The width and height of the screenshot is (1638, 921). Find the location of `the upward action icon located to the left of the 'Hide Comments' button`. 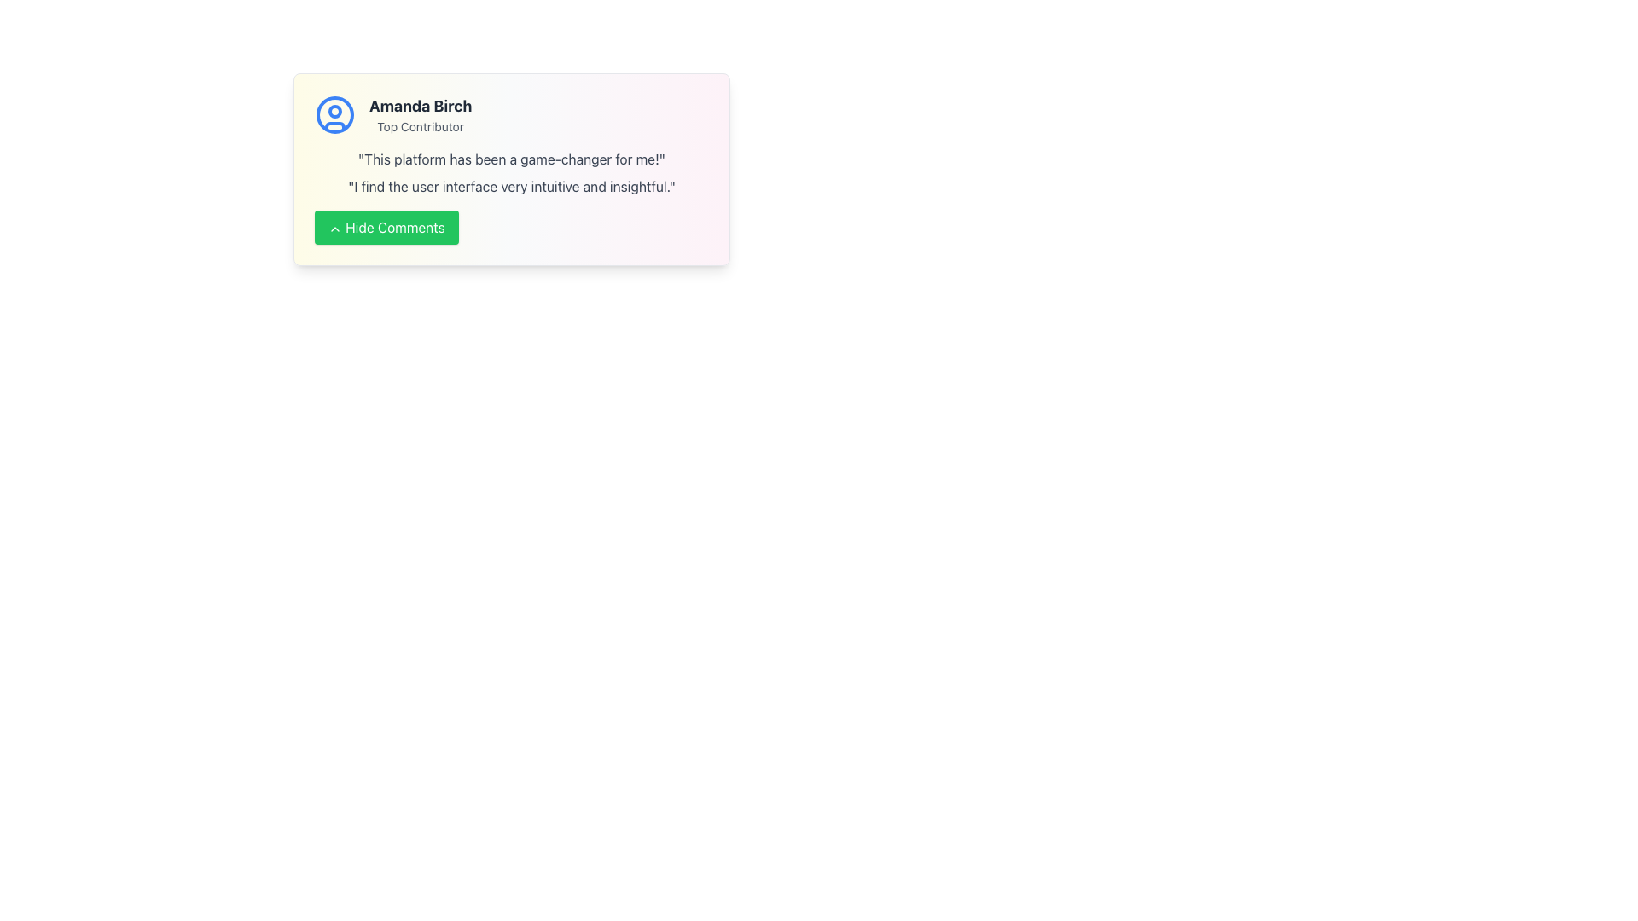

the upward action icon located to the left of the 'Hide Comments' button is located at coordinates (335, 227).